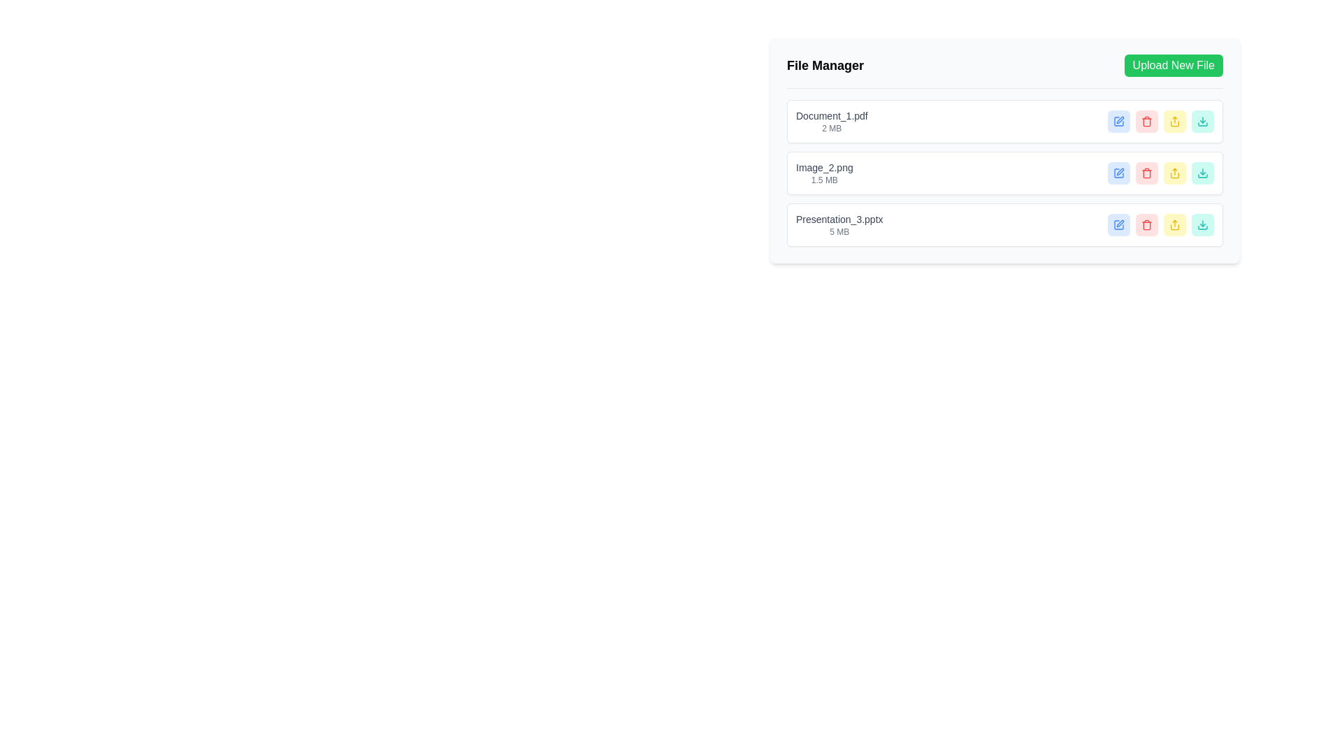  I want to click on the red delete button with a trash icon, which is the second button in a horizontal group of similar buttons in the file manager, to observe its hover effects, so click(1147, 120).